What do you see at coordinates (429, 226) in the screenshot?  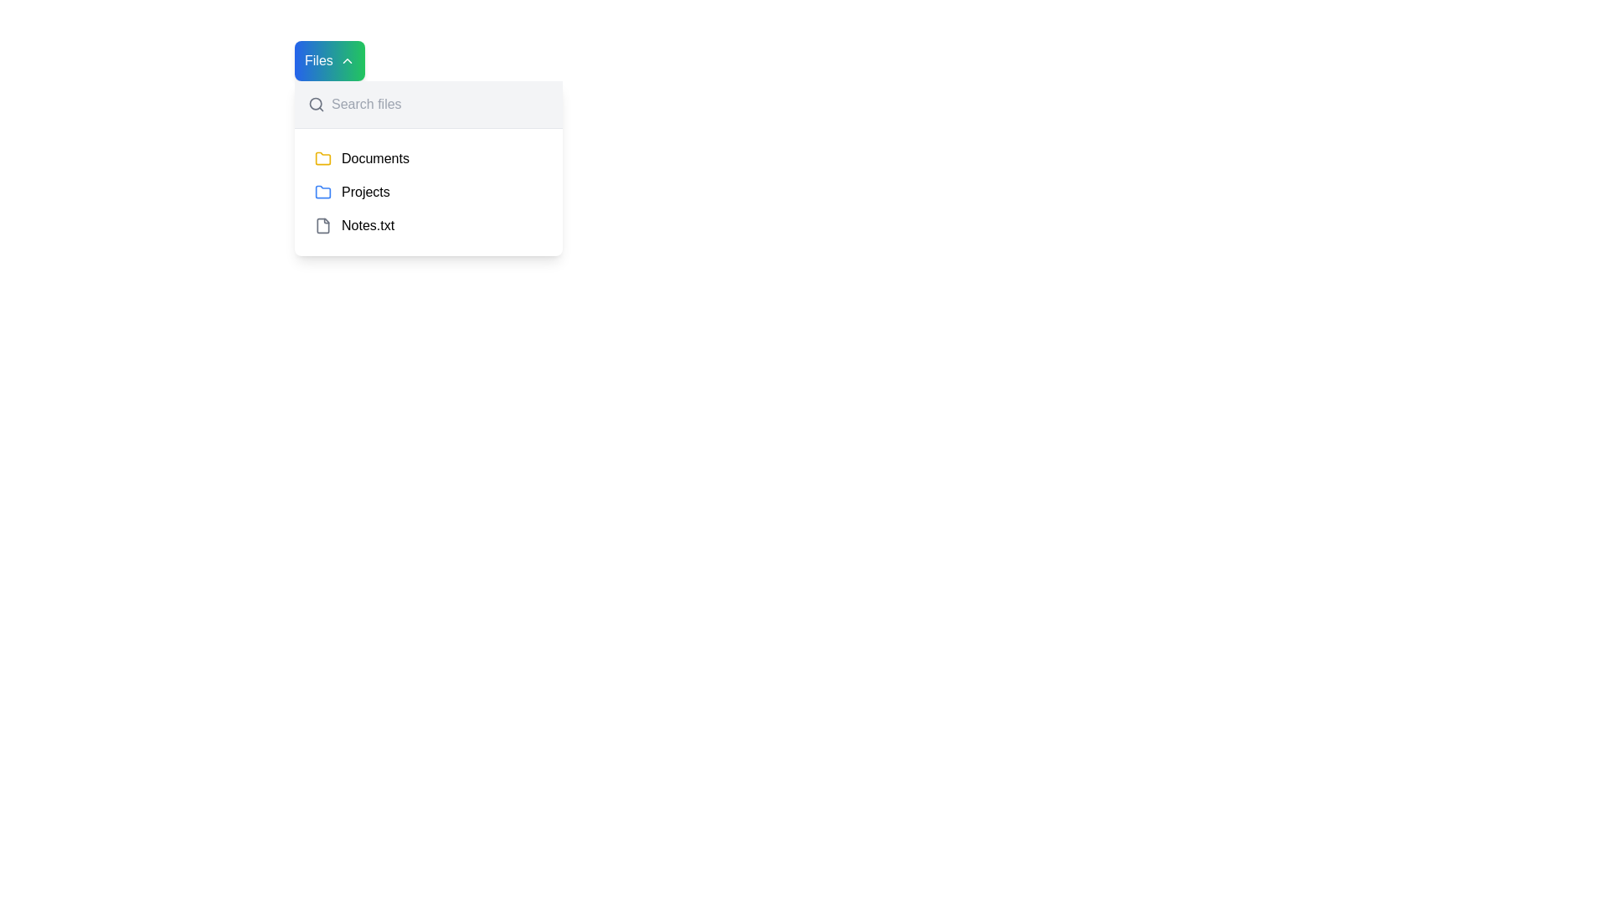 I see `the list item representing the file 'Notes.txt'` at bounding box center [429, 226].